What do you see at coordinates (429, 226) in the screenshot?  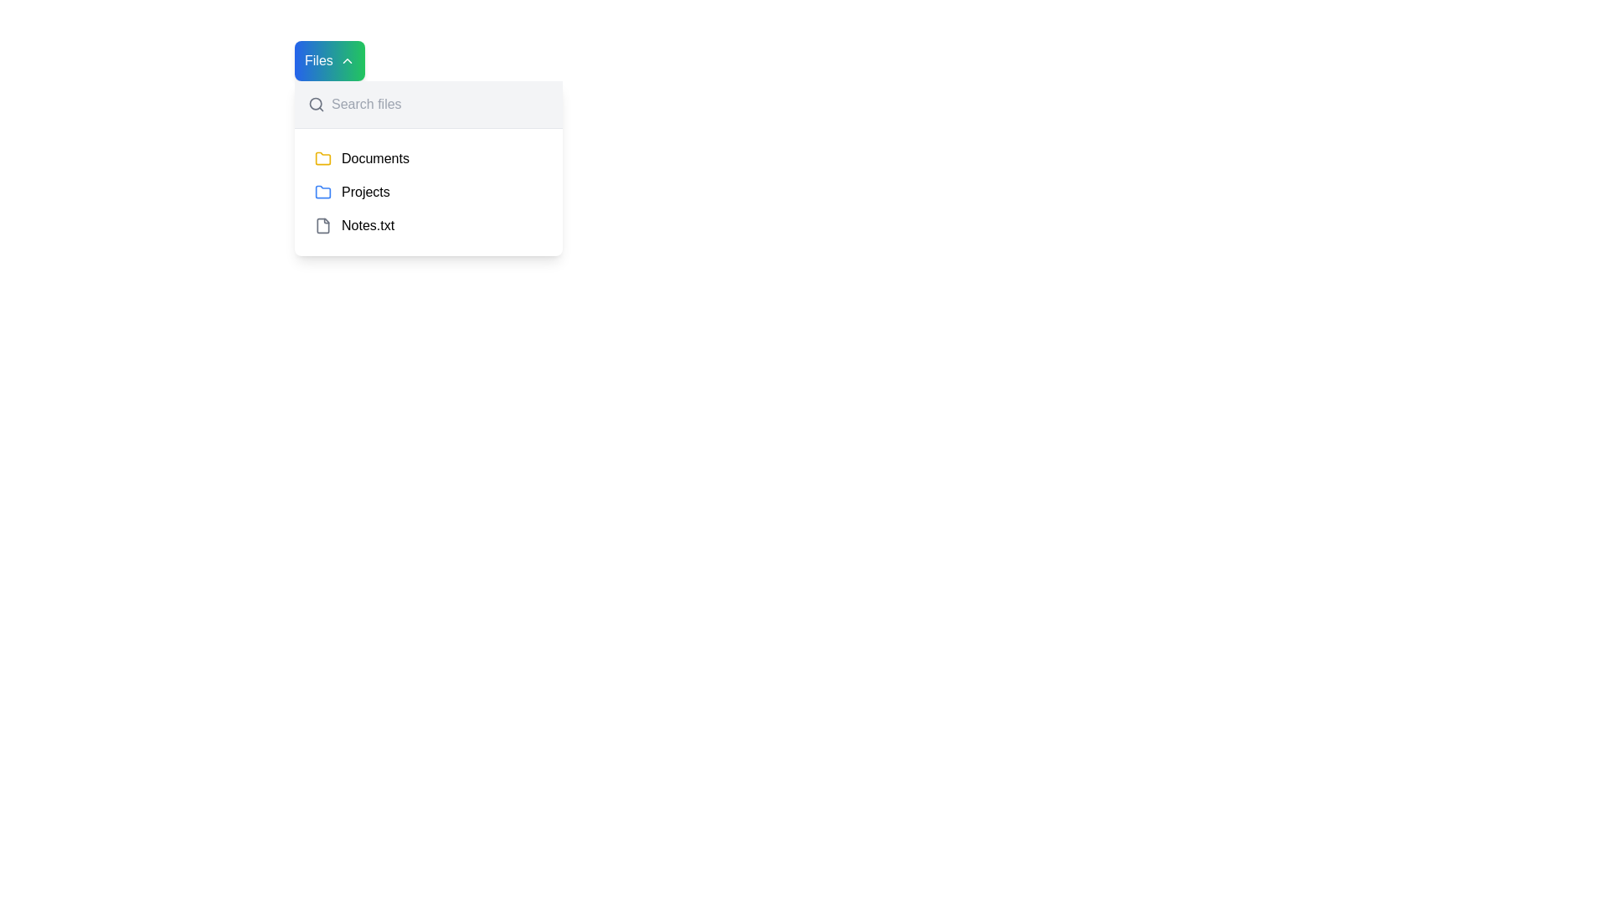 I see `the list item representing the file 'Notes.txt'` at bounding box center [429, 226].